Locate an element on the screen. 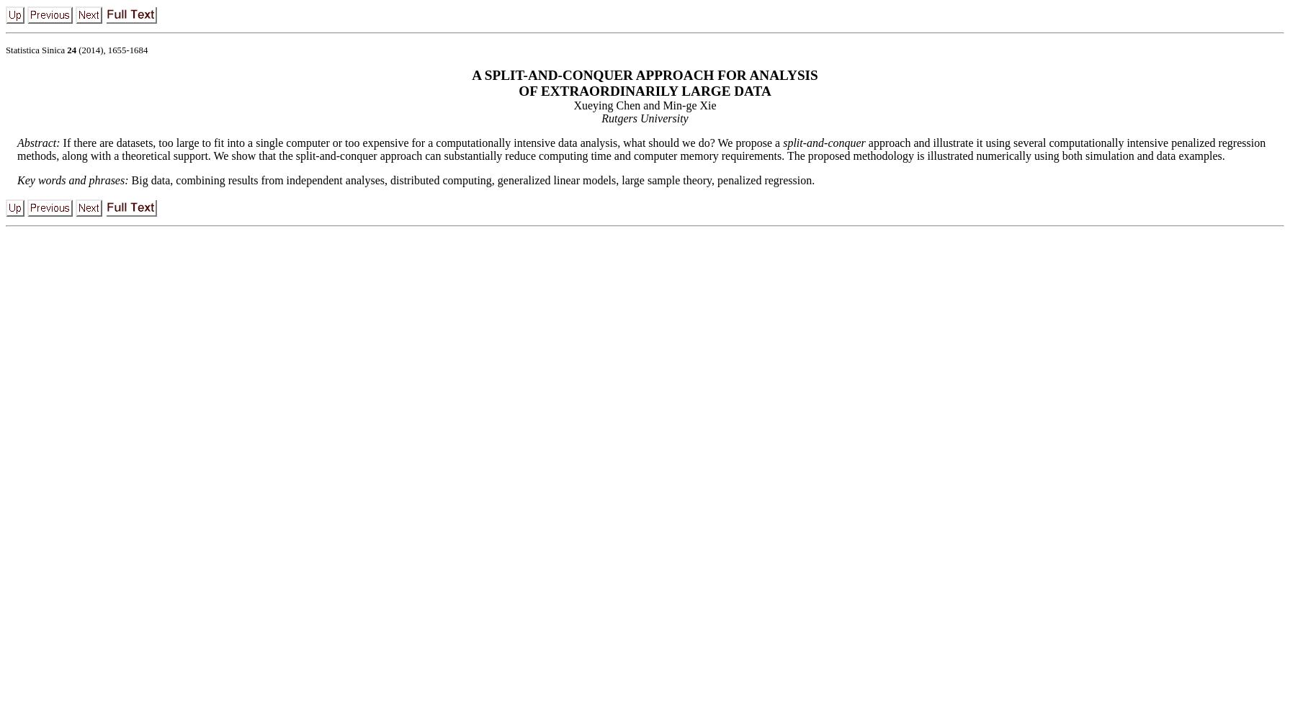 The width and height of the screenshot is (1290, 720). 'Abstract:' is located at coordinates (40, 142).